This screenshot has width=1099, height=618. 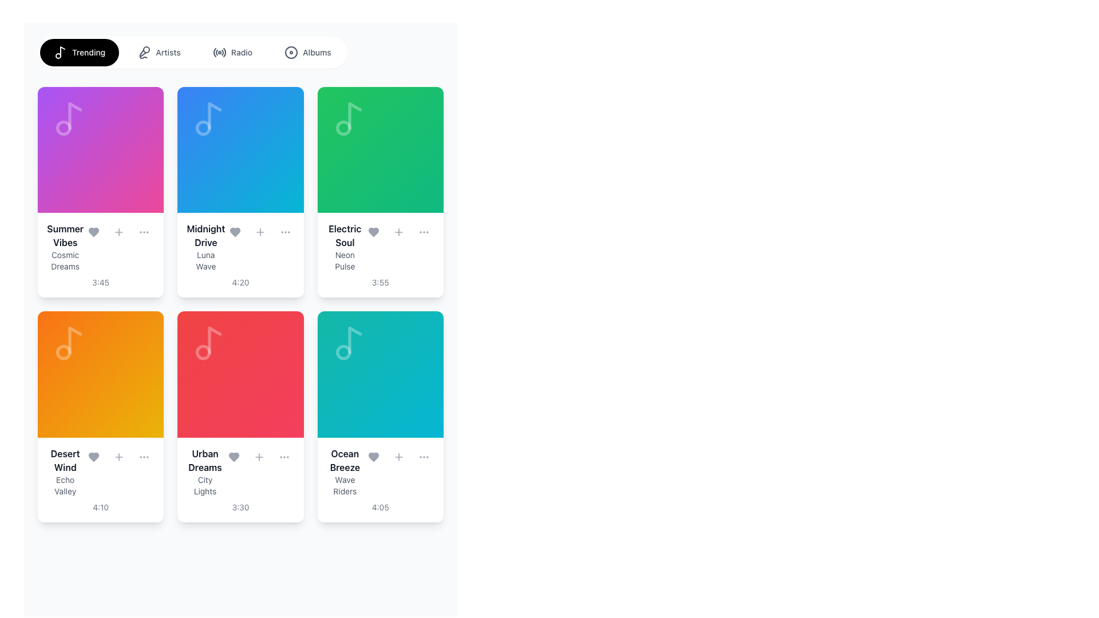 I want to click on the ellipsis icon, which consists of three small dots in a rounded gray background, located at the rightmost position in the controls section of the 'Electric Soul' track card, so click(x=423, y=232).